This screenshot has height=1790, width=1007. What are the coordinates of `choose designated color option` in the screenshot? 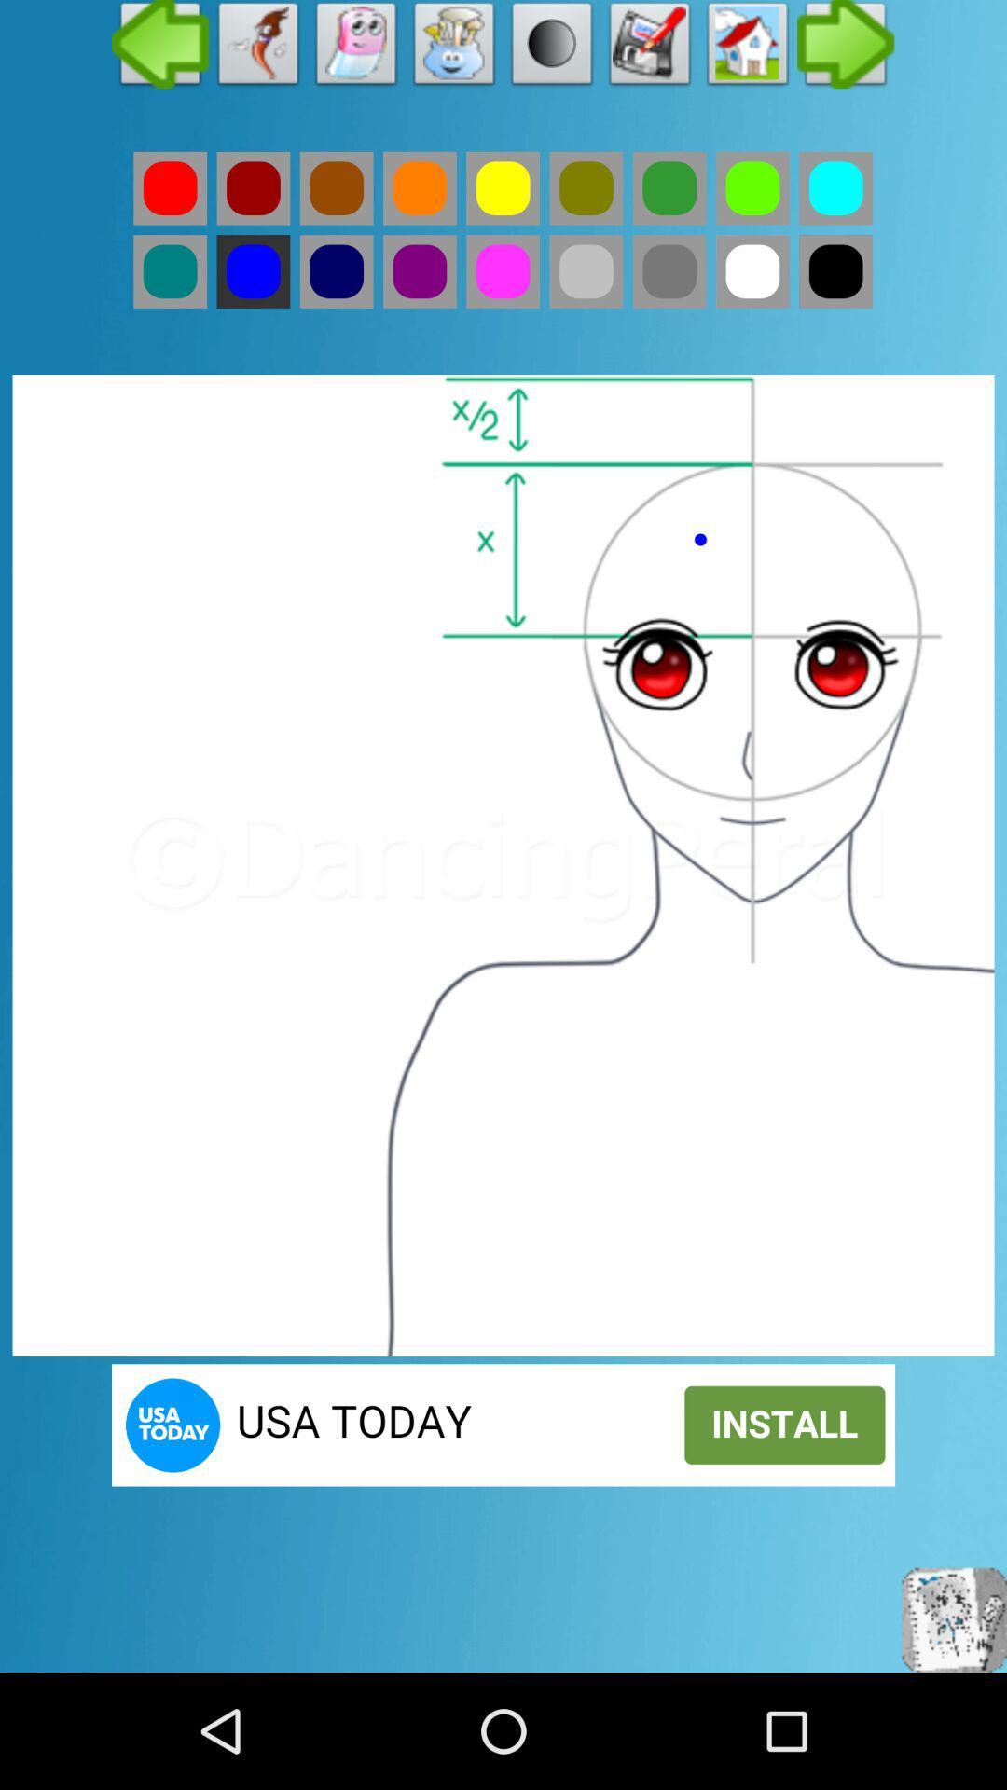 It's located at (585, 188).